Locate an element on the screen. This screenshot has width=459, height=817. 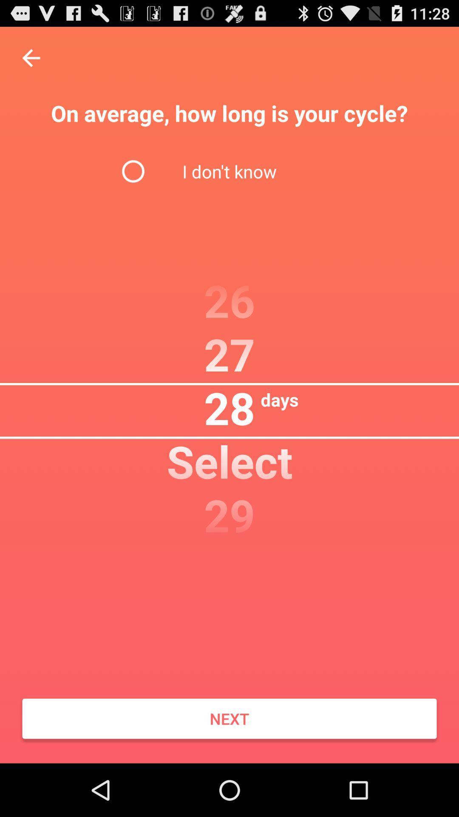
cycle length is located at coordinates (31, 57).